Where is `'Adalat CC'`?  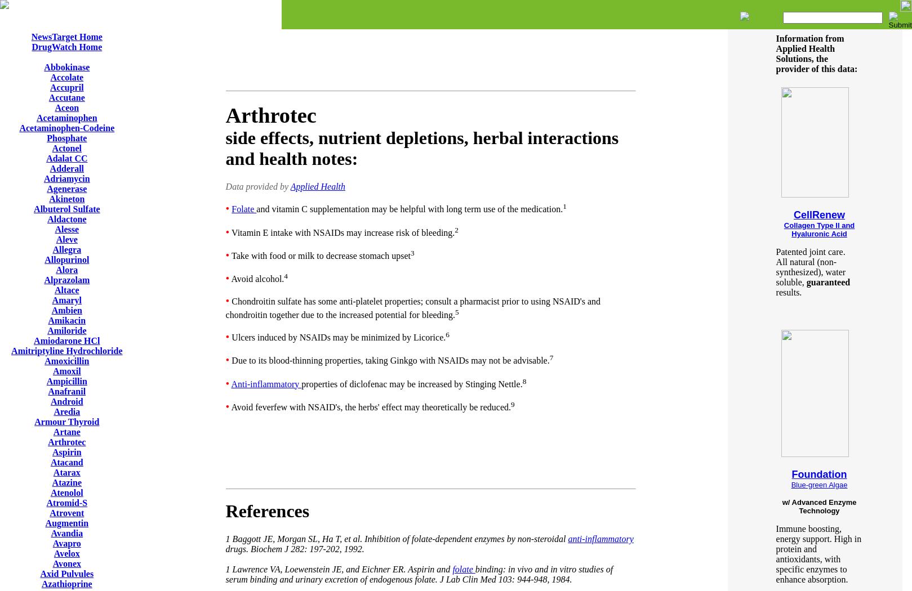
'Adalat CC' is located at coordinates (66, 158).